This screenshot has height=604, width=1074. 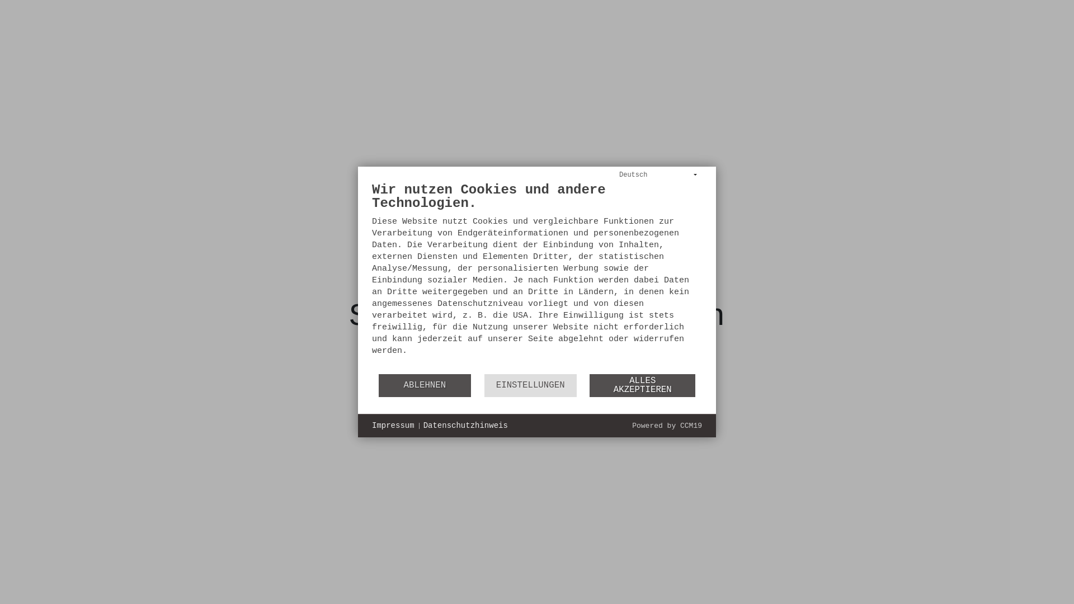 I want to click on 'Powered by CCM19', so click(x=667, y=426).